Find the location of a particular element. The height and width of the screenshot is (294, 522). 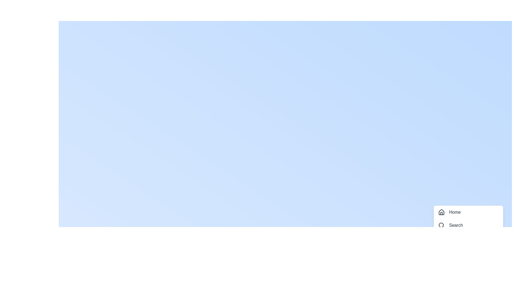

the decorative SVG line within the house icon, which is positioned vertically near the center bottom of the house's interior space is located at coordinates (441, 213).